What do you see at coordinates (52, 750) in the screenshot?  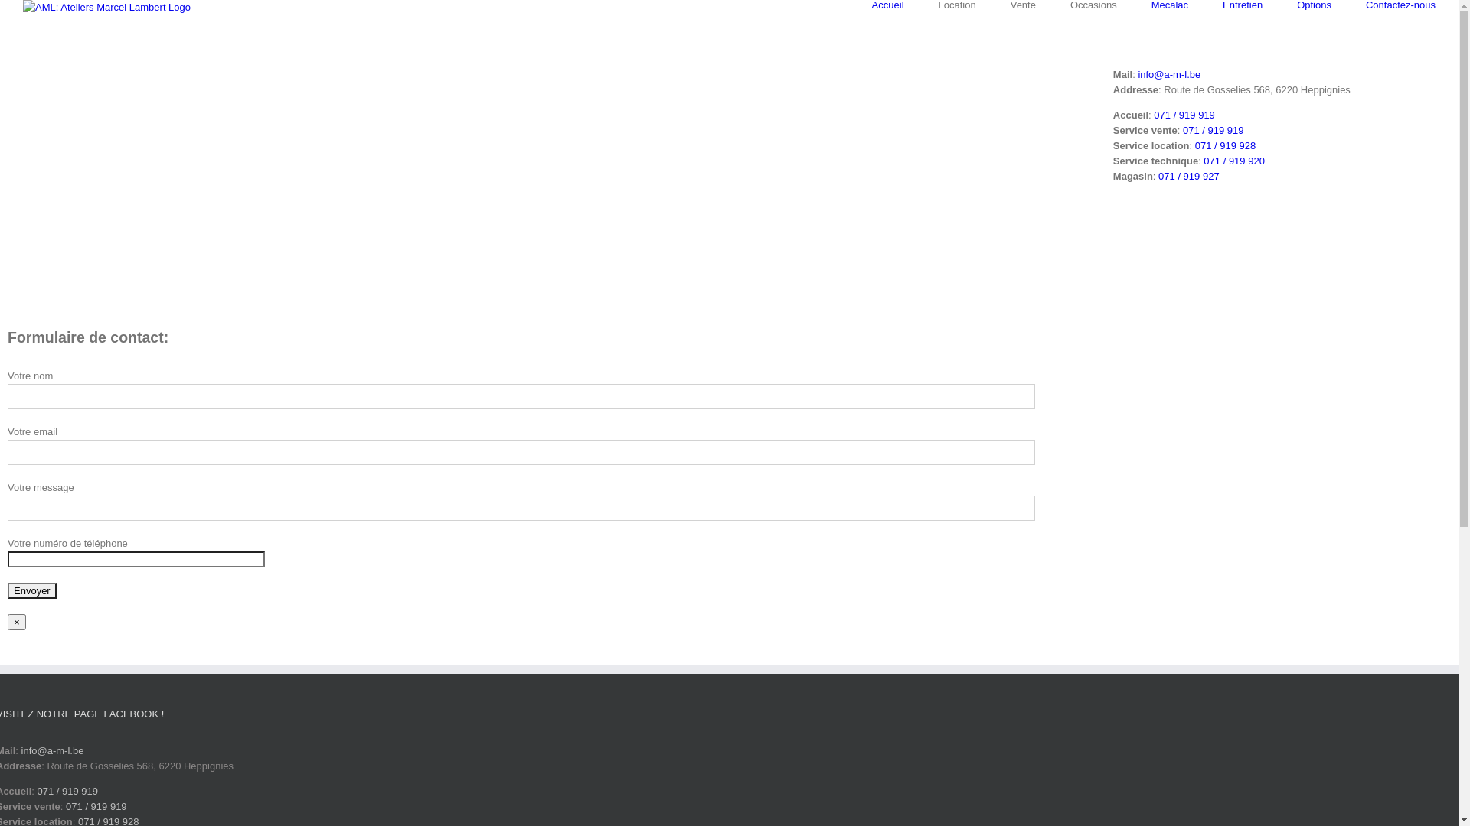 I see `'info@a-m-l.be'` at bounding box center [52, 750].